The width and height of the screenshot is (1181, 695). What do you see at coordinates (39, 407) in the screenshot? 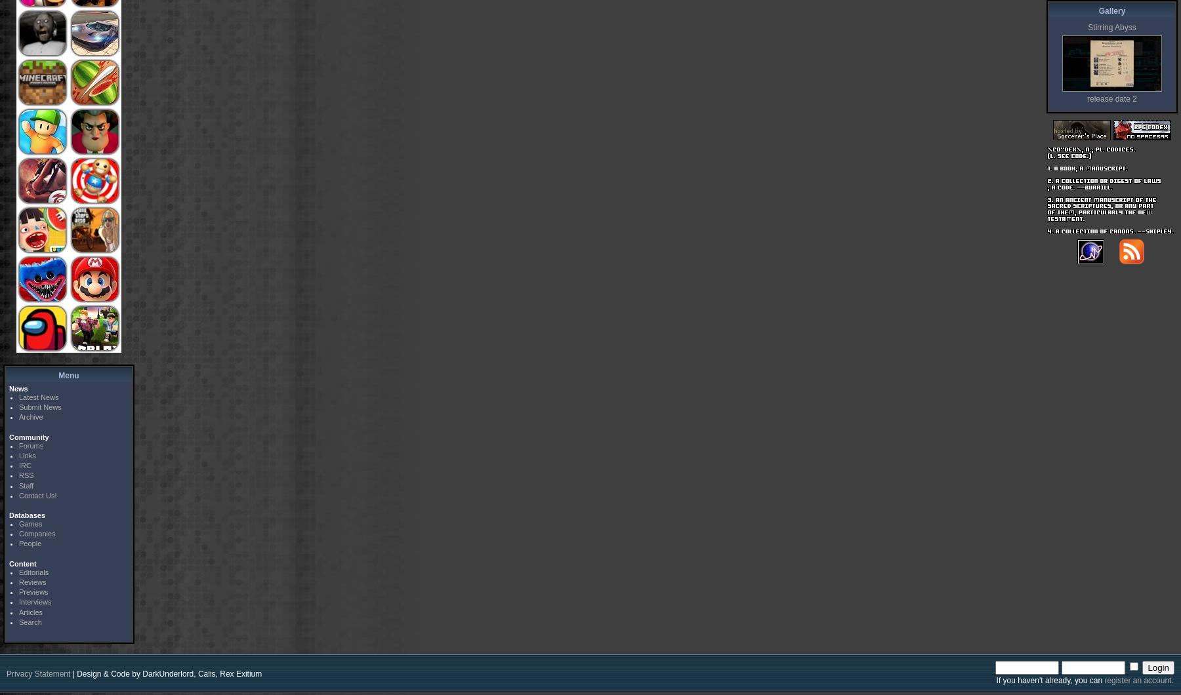
I see `'Submit News'` at bounding box center [39, 407].